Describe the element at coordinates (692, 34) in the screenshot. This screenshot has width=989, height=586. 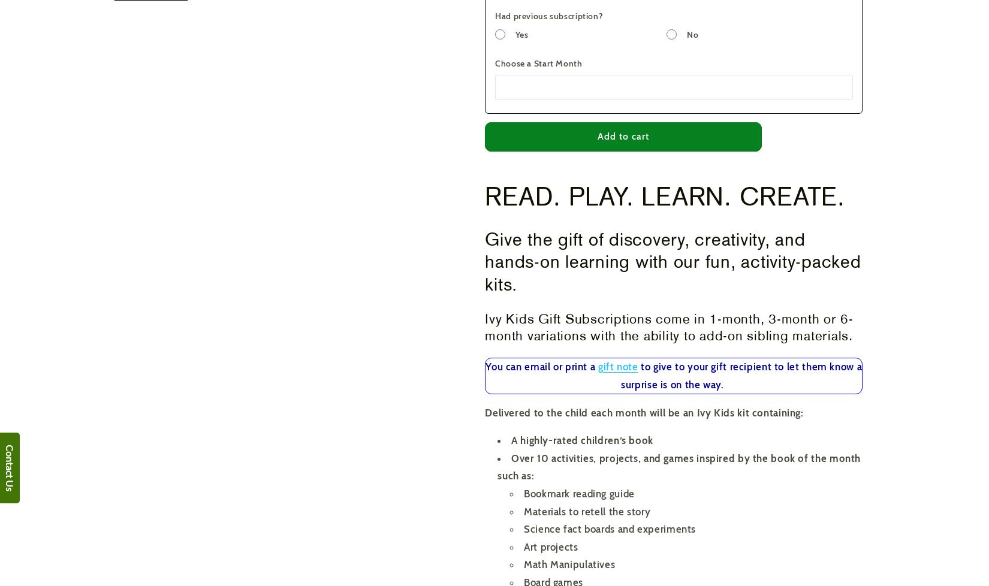
I see `'No'` at that location.